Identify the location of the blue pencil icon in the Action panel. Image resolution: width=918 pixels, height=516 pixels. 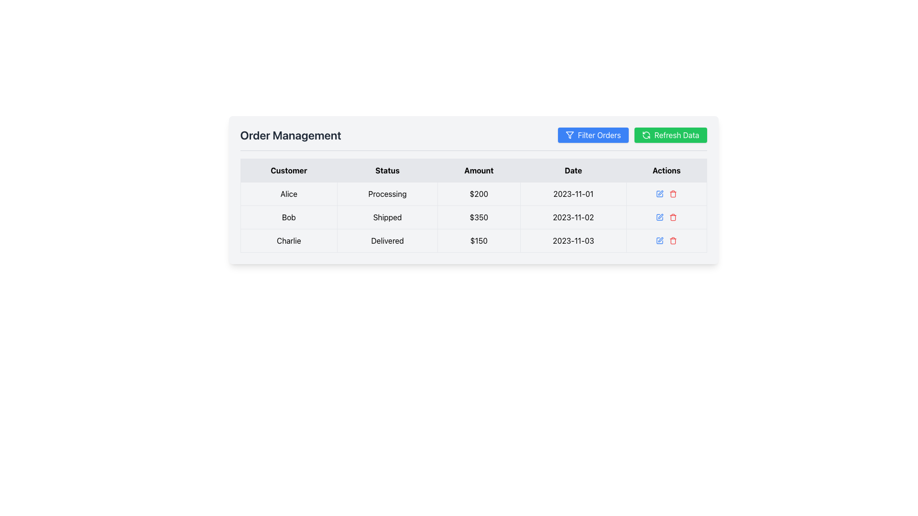
(666, 217).